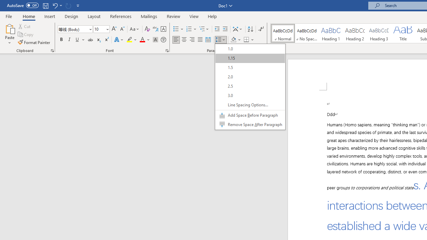  Describe the element at coordinates (217, 29) in the screenshot. I see `'Decrease Indent'` at that location.